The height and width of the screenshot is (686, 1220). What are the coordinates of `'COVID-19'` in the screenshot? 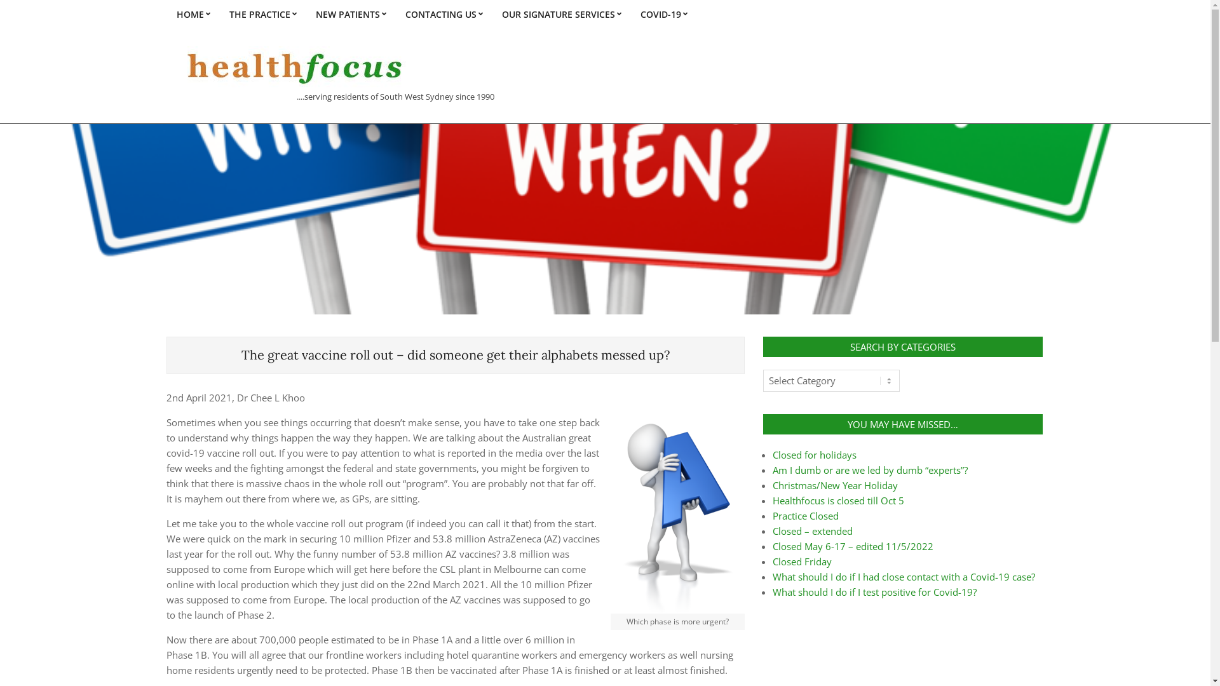 It's located at (662, 14).